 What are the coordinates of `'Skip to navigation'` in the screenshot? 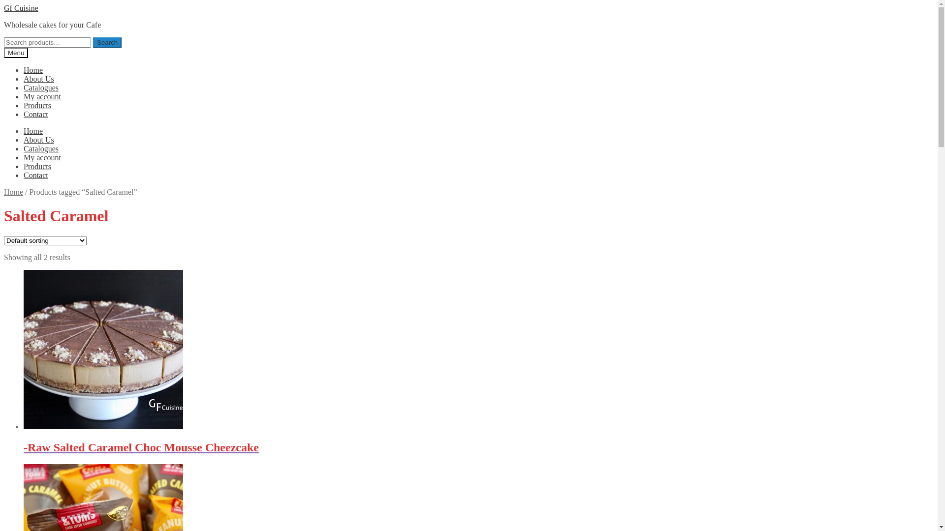 It's located at (3, 3).